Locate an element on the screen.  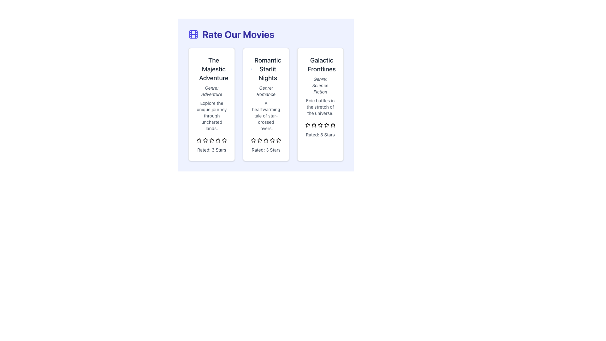
the small rectangular shape with rounded corners within the grid-like icon, located to the left of the 'Rate Our Movies' heading is located at coordinates (193, 34).